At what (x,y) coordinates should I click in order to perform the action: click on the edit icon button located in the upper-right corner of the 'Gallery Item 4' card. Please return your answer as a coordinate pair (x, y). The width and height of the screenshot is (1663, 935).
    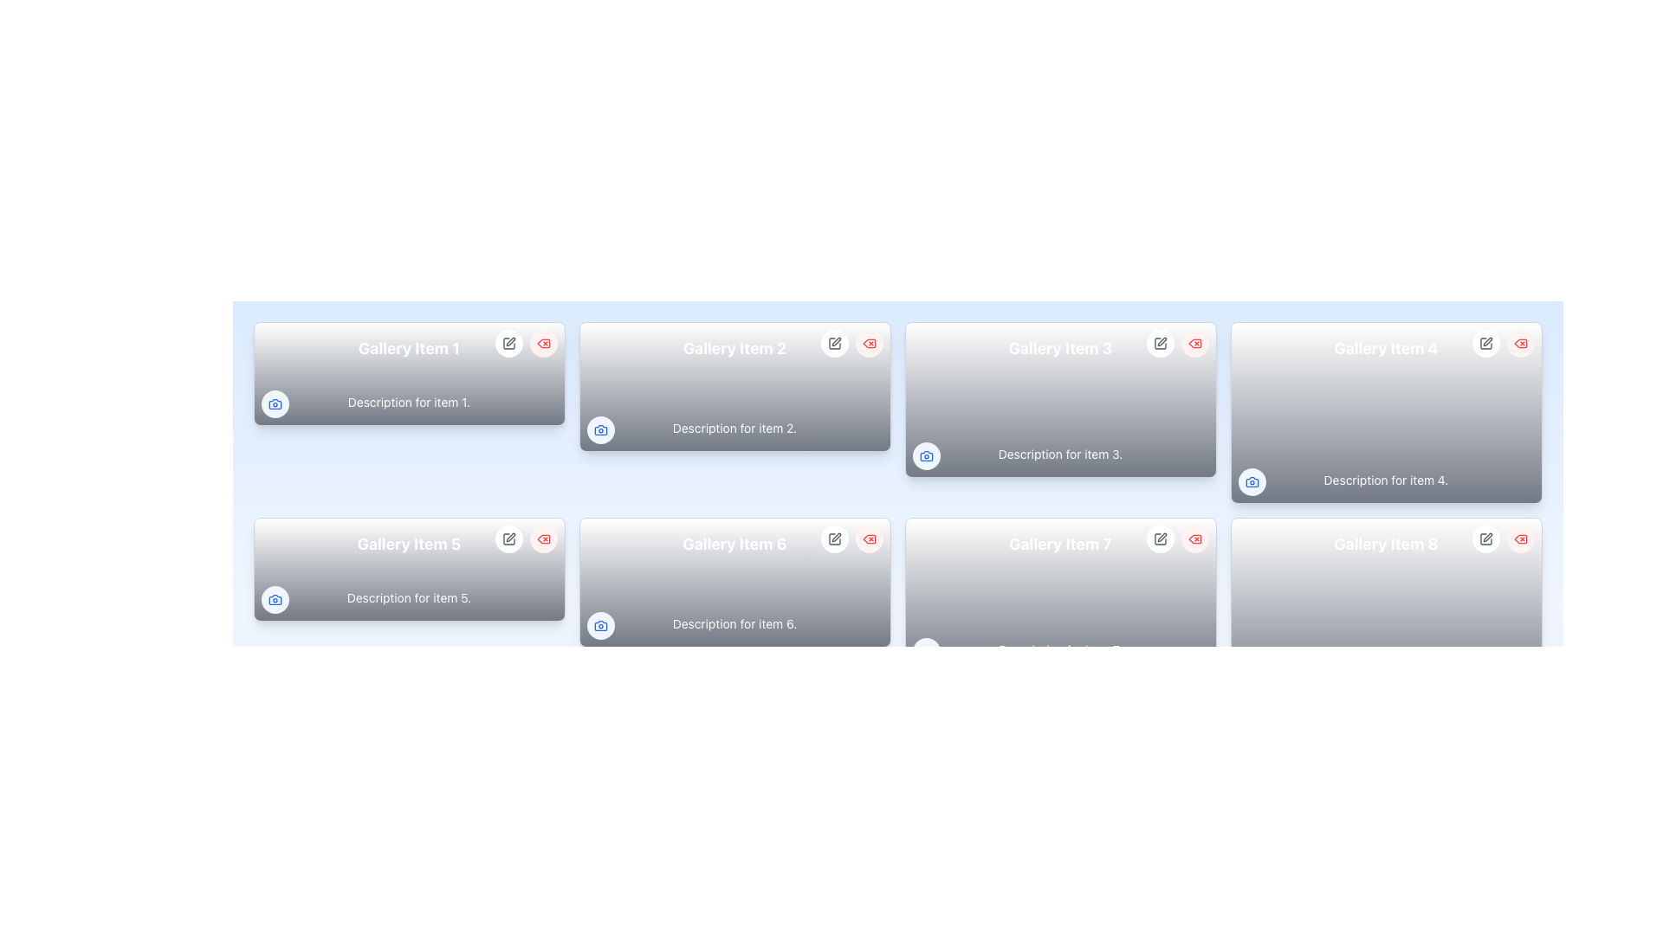
    Looking at the image, I should click on (1485, 344).